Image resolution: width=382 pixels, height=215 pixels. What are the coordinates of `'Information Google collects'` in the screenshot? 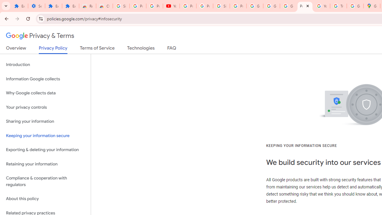 It's located at (45, 79).